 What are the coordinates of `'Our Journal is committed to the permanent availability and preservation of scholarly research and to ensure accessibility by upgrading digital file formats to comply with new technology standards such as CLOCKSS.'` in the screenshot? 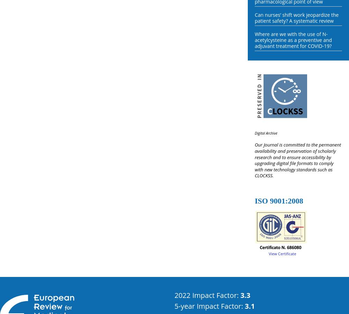 It's located at (297, 159).